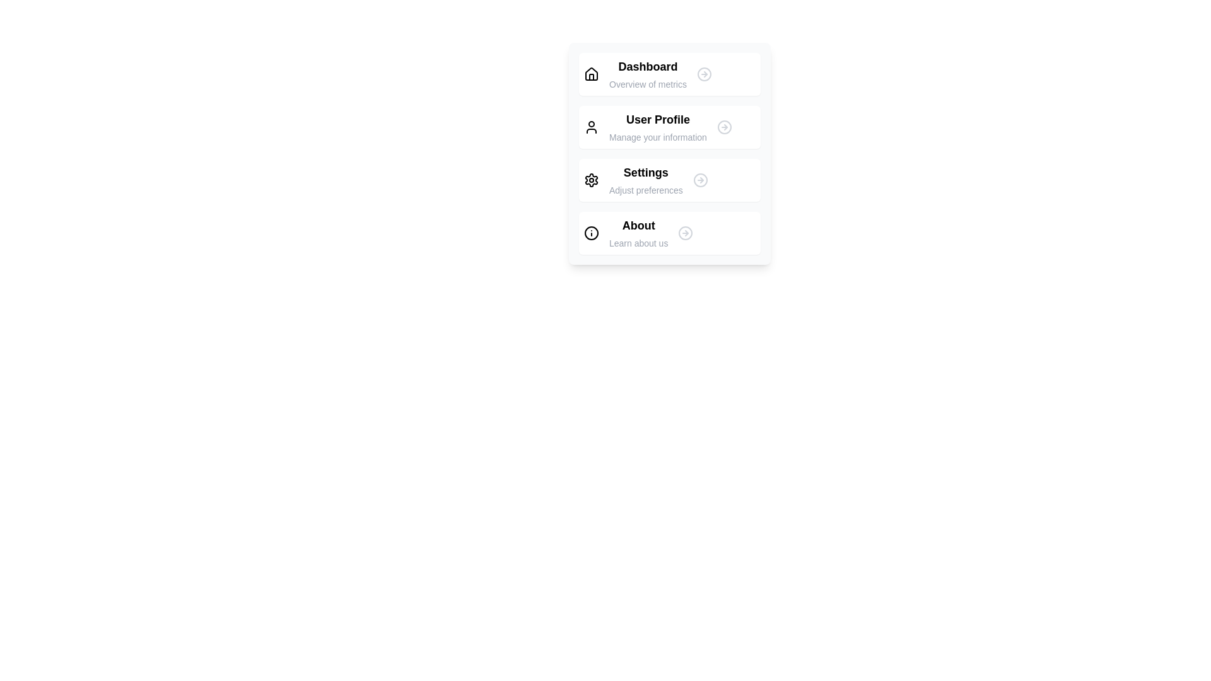 This screenshot has width=1211, height=681. What do you see at coordinates (590, 74) in the screenshot?
I see `the 'Dashboard' icon, which is the leftmost item in the first row of the list, adjacent to the text 'Dashboard'` at bounding box center [590, 74].